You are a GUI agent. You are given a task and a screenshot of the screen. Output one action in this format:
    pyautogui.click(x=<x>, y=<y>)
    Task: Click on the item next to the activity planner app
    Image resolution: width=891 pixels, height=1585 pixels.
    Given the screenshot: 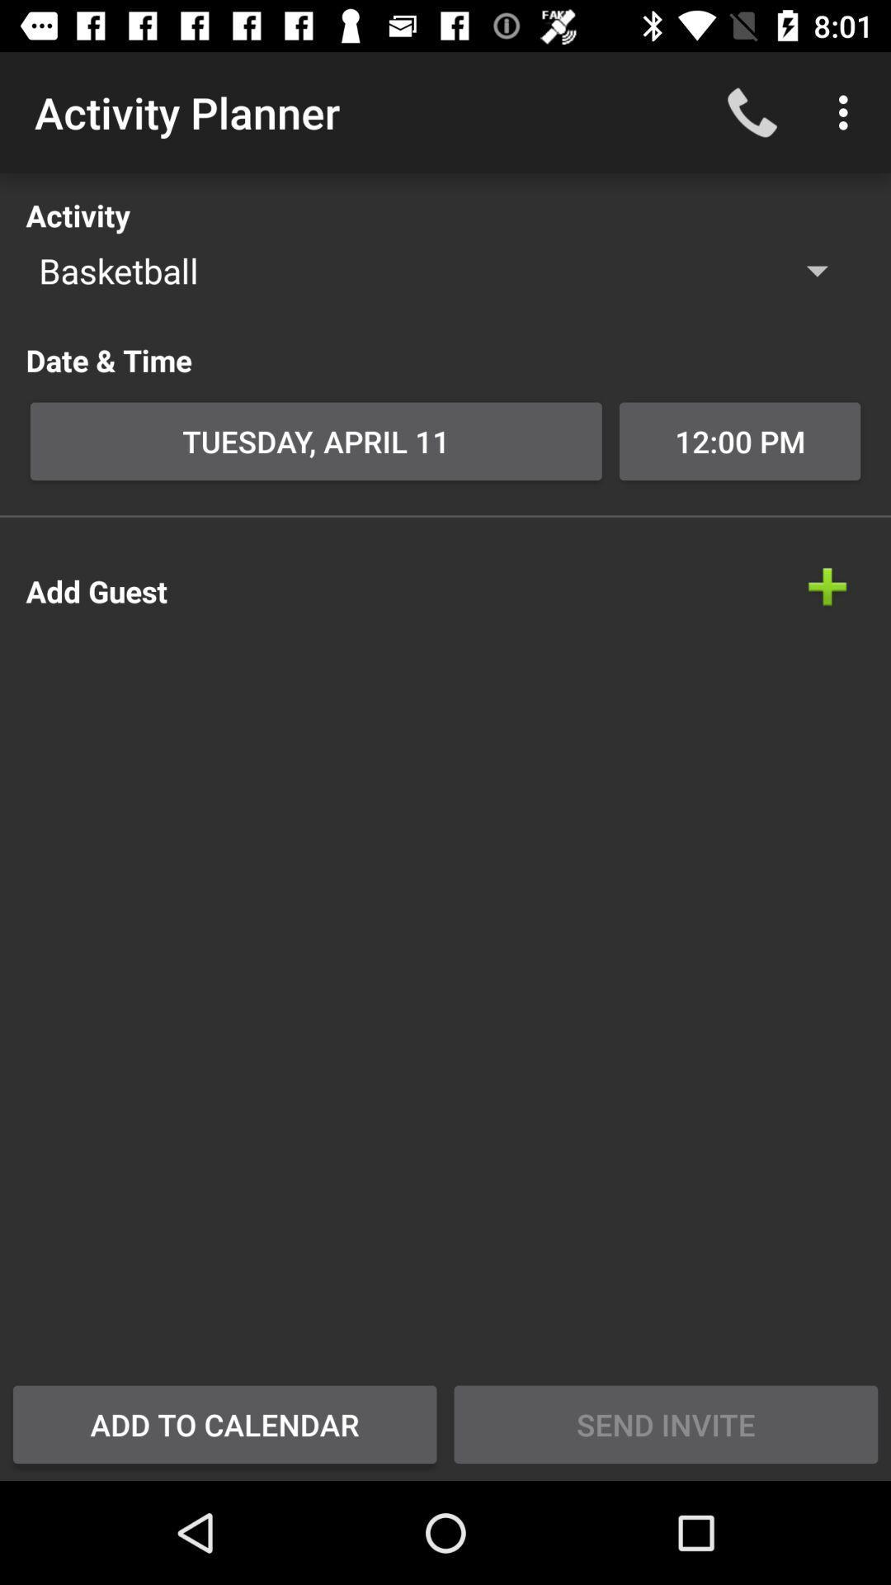 What is the action you would take?
    pyautogui.click(x=752, y=111)
    